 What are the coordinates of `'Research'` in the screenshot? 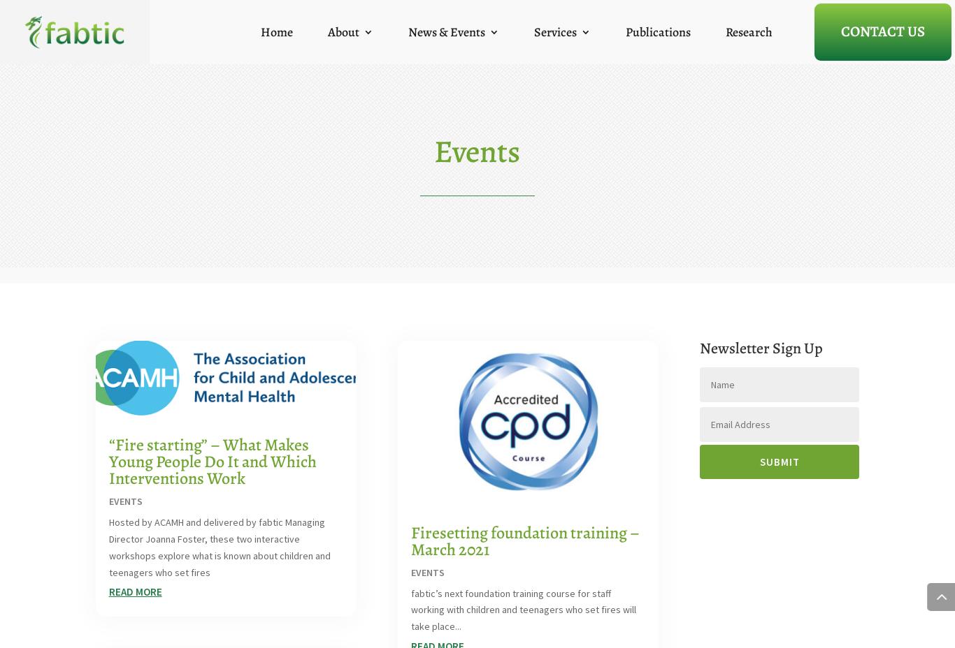 It's located at (748, 31).